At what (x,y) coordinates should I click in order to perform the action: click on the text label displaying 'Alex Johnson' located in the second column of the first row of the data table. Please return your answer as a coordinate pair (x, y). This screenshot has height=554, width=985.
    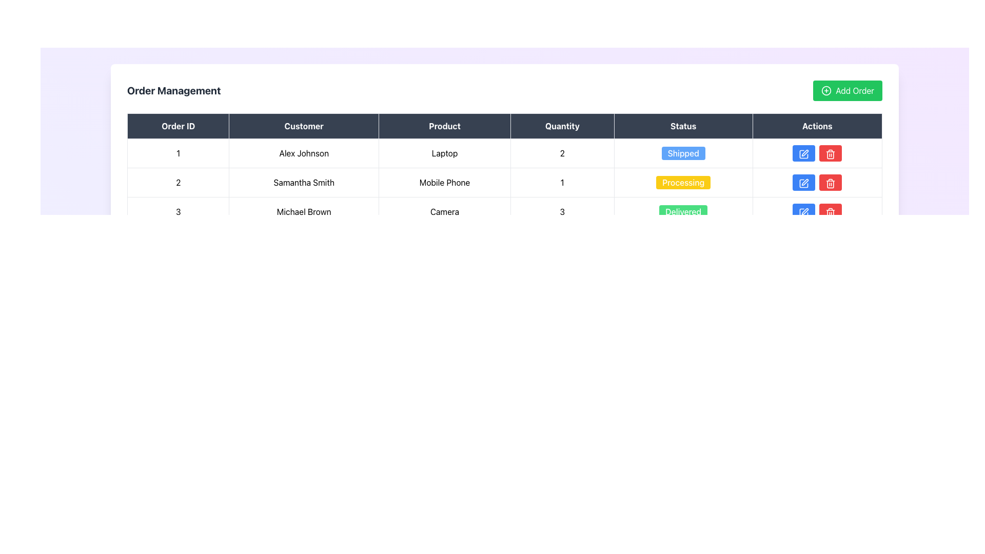
    Looking at the image, I should click on (303, 153).